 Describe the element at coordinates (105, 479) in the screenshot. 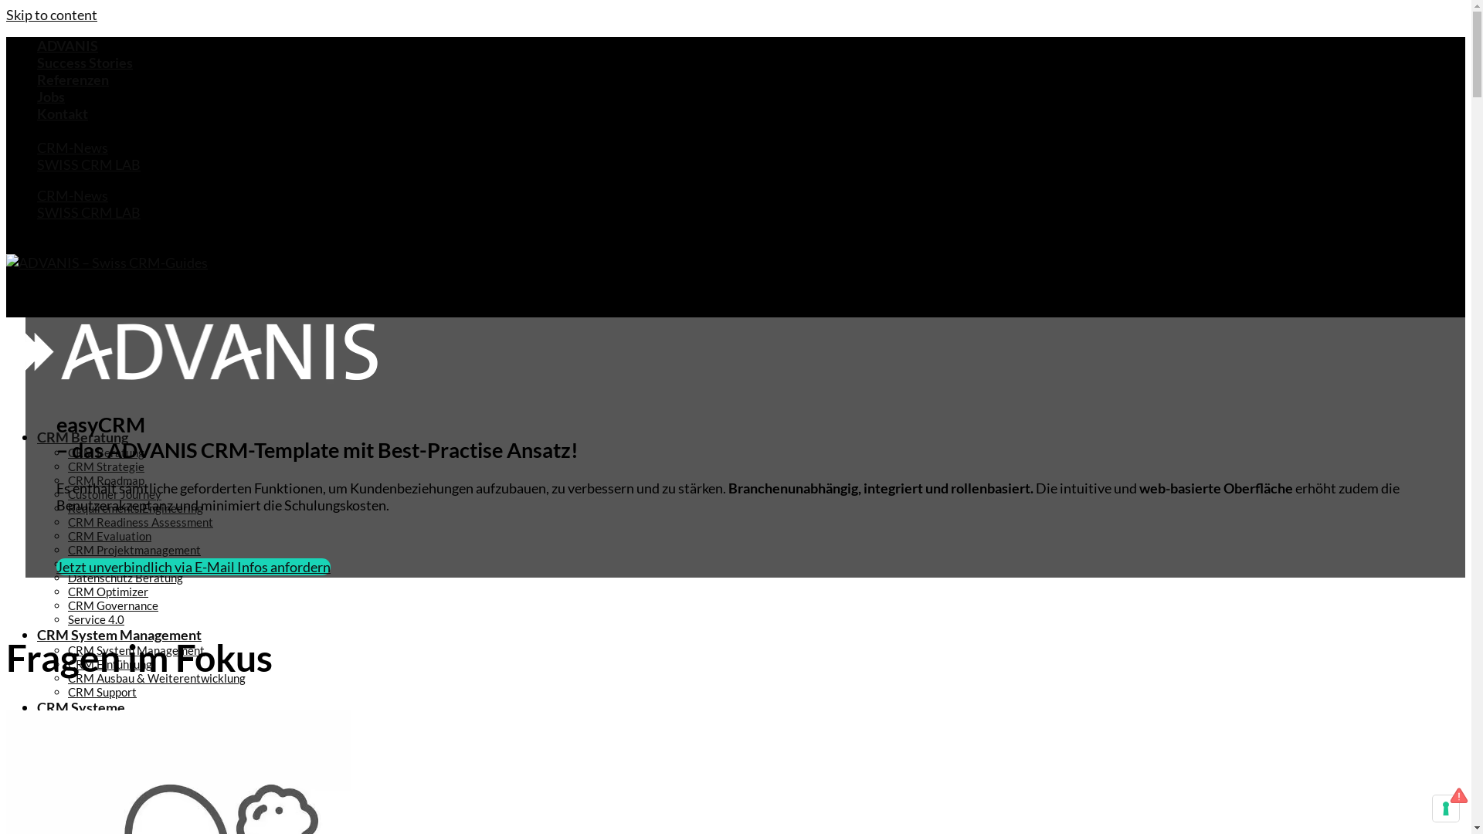

I see `'CRM Roadmap'` at that location.